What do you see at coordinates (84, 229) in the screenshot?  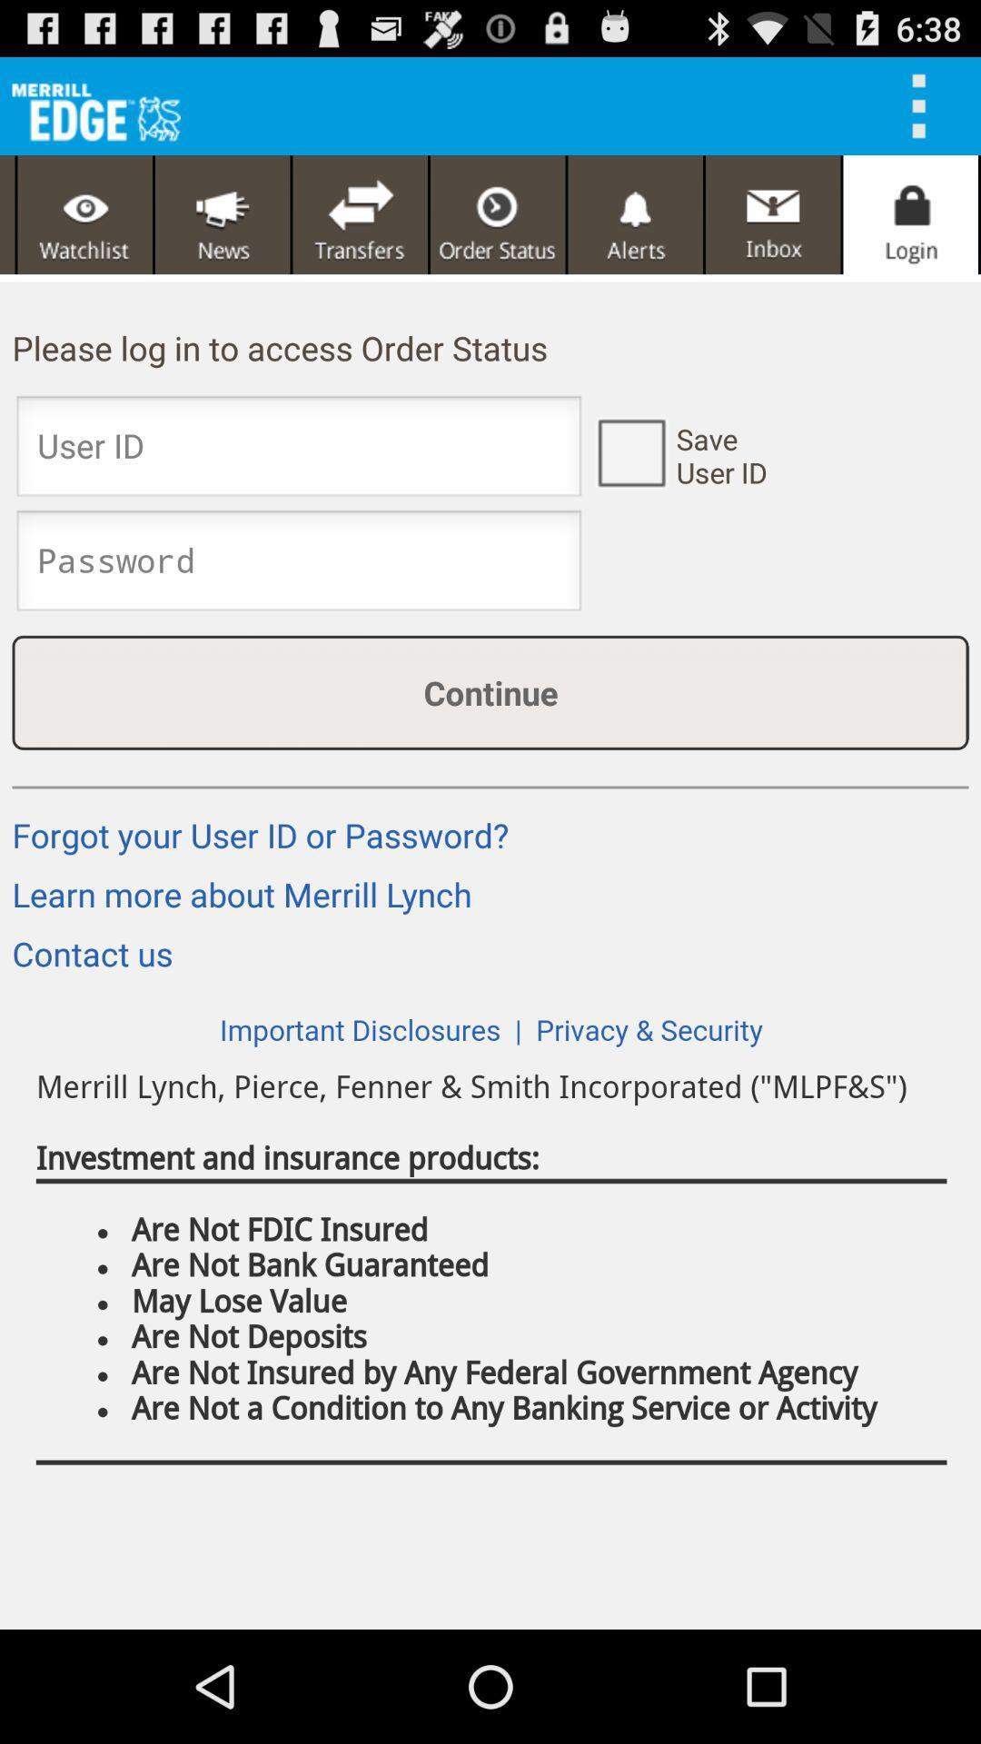 I see `the visibility icon` at bounding box center [84, 229].